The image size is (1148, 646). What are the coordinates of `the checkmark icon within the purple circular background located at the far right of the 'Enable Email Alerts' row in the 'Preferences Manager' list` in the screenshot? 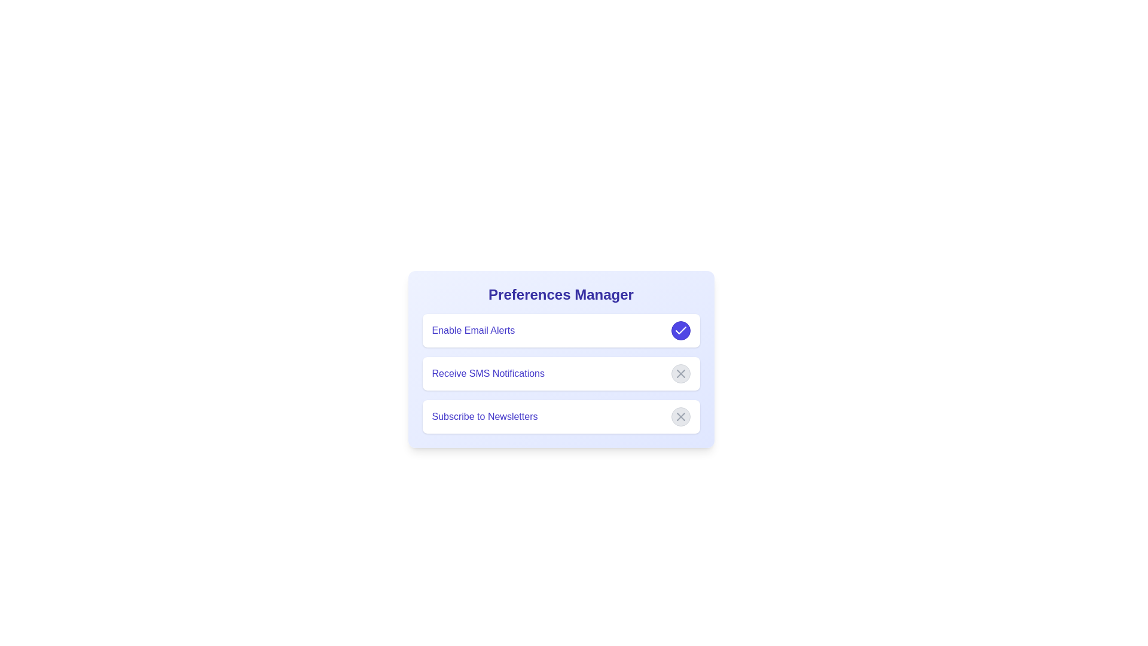 It's located at (680, 330).